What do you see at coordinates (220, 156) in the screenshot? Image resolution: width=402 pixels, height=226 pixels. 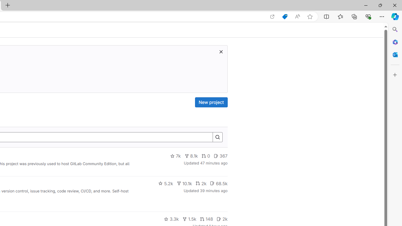 I see `'367'` at bounding box center [220, 156].